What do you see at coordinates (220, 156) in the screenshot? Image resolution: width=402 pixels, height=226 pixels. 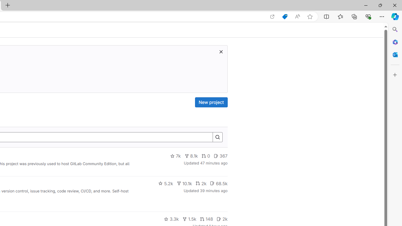 I see `'367'` at bounding box center [220, 156].